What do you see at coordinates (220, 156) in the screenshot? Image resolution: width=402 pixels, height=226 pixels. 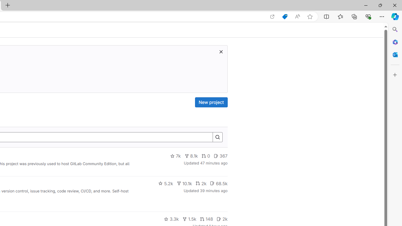 I see `'367'` at bounding box center [220, 156].